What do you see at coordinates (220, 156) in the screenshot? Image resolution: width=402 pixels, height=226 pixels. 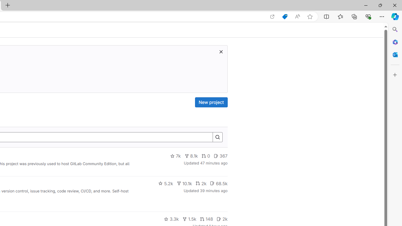 I see `'367'` at bounding box center [220, 156].